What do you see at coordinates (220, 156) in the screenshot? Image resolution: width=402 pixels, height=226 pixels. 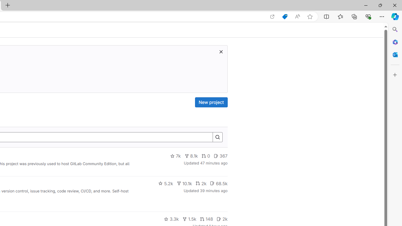 I see `'367'` at bounding box center [220, 156].